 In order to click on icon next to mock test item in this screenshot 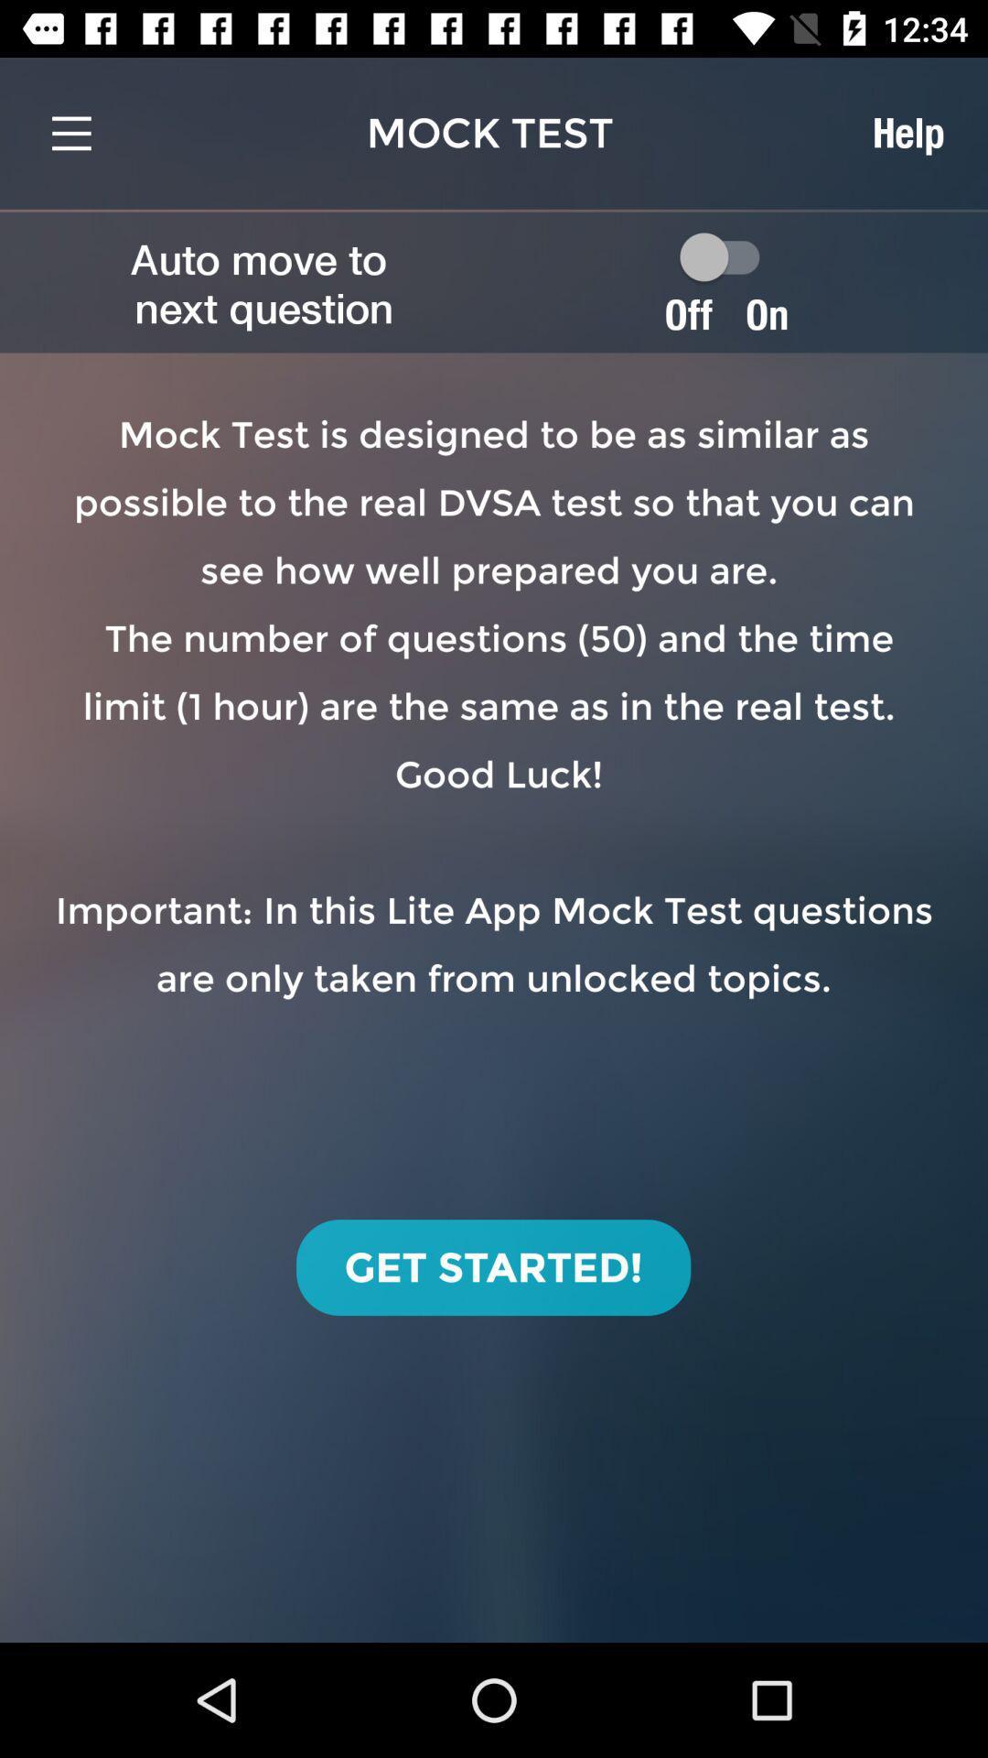, I will do `click(907, 132)`.